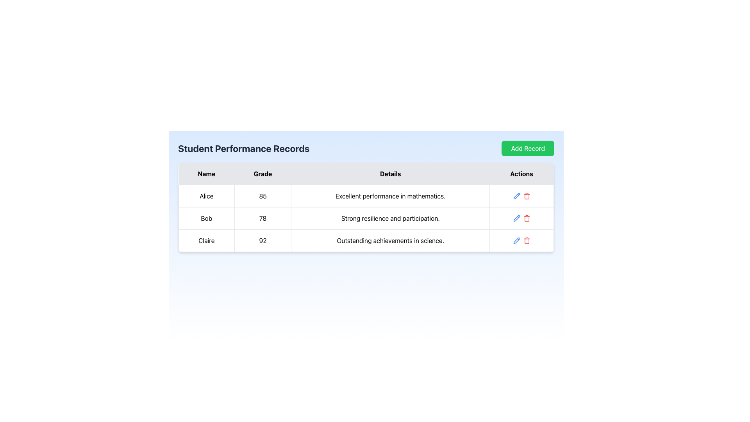  I want to click on the red trash bin icon button located in the second row, last column of the table under the 'Actions' header, so click(527, 218).